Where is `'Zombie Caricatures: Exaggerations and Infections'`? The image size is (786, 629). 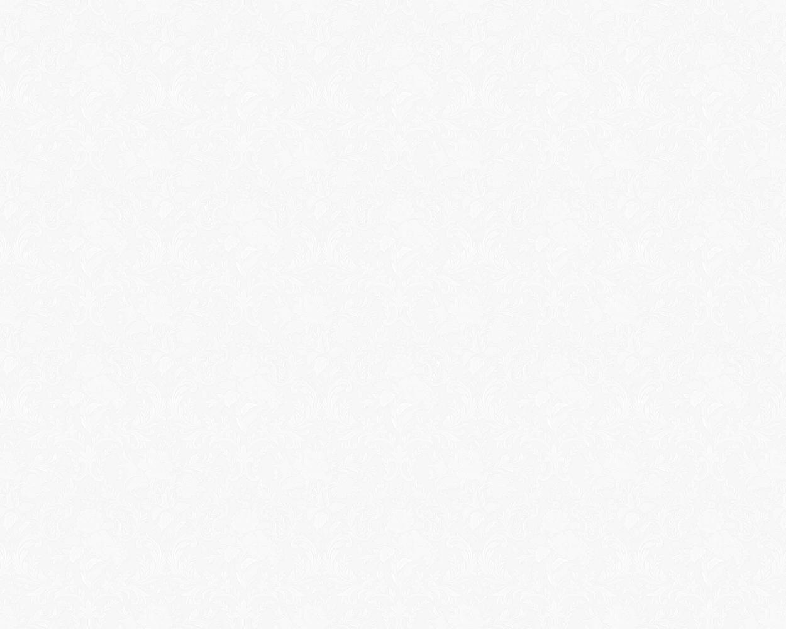
'Zombie Caricatures: Exaggerations and Infections' is located at coordinates (136, 60).